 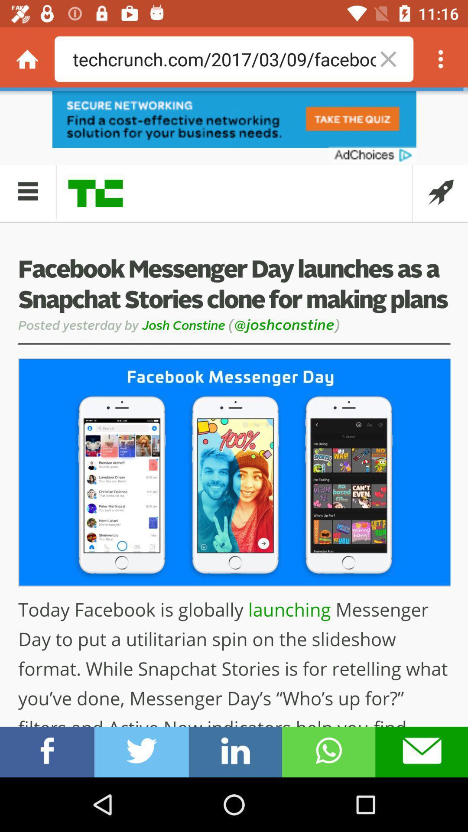 I want to click on open menu, so click(x=441, y=58).